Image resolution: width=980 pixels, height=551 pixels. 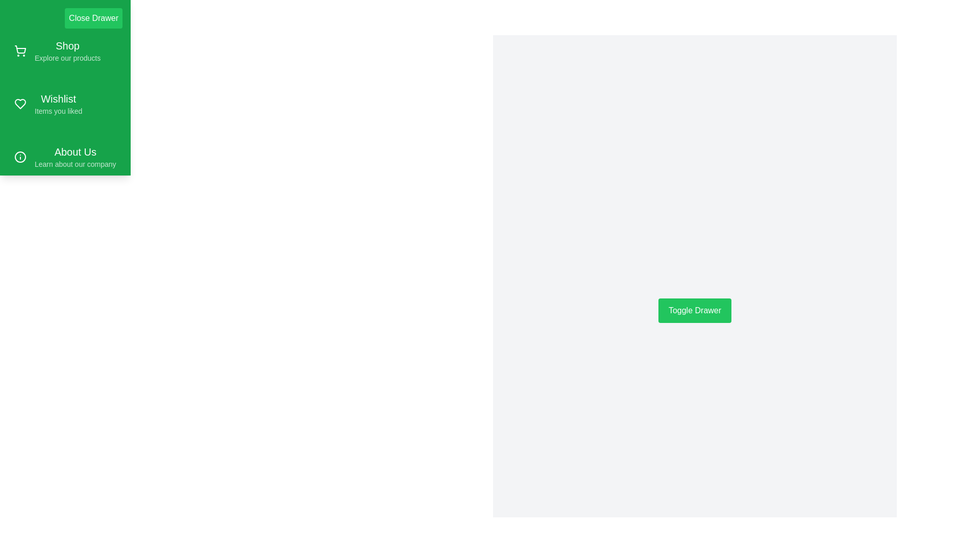 I want to click on the menu item labeled 'About Us' to read its description, so click(x=65, y=157).